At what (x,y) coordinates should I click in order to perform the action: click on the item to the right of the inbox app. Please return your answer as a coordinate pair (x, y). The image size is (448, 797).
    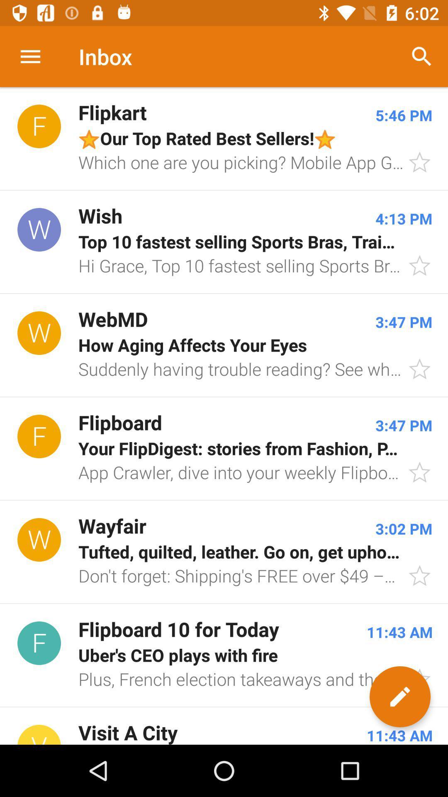
    Looking at the image, I should click on (422, 56).